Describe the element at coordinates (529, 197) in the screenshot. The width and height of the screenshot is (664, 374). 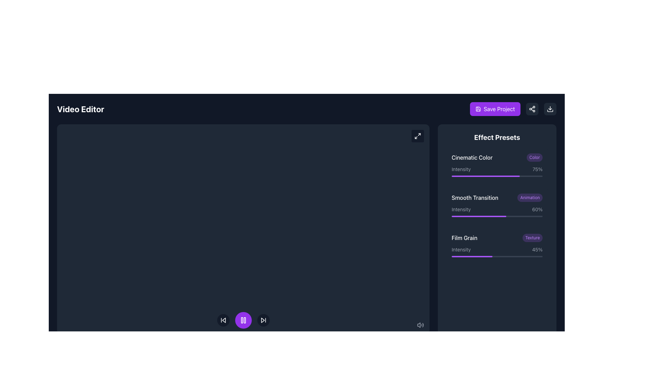
I see `the label or tag that serves as a category marker to the right of the 'Smooth Transition' text` at that location.